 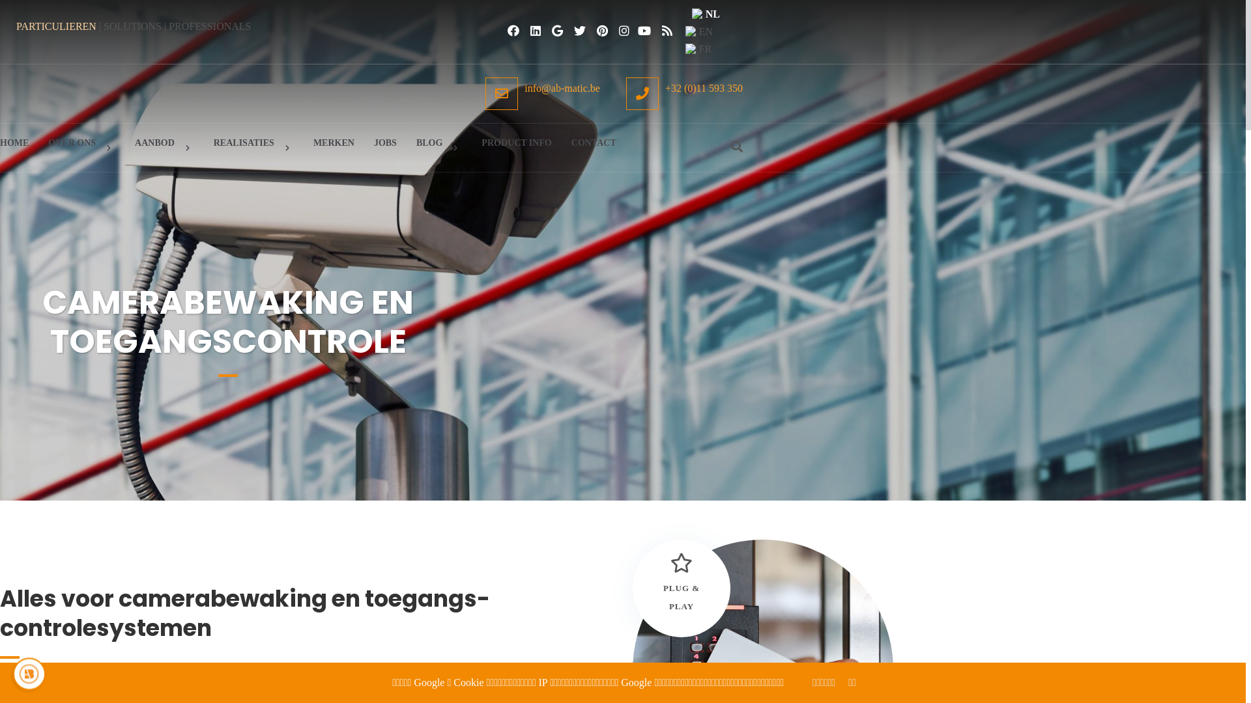 I want to click on 'BLOG', so click(x=439, y=147).